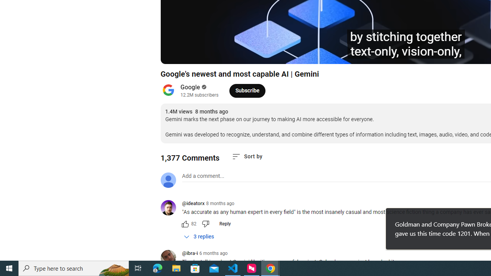 Image resolution: width=491 pixels, height=276 pixels. I want to click on 'Default profile photo', so click(168, 180).